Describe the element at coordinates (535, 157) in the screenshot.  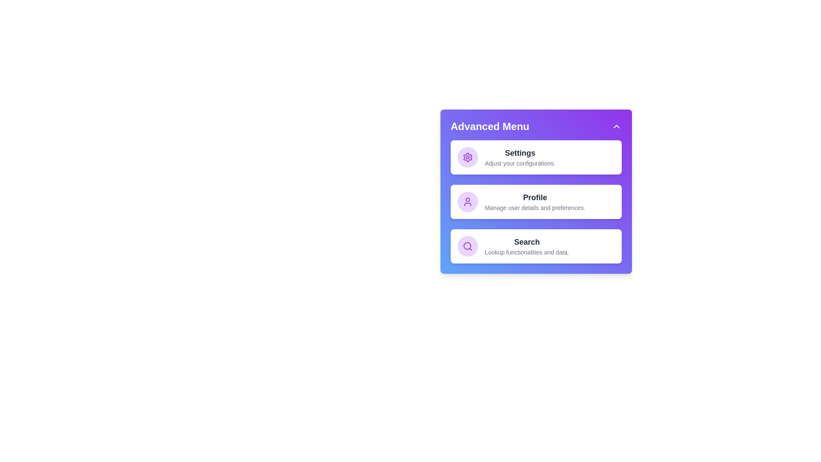
I see `the 'Settings' option in the menu` at that location.